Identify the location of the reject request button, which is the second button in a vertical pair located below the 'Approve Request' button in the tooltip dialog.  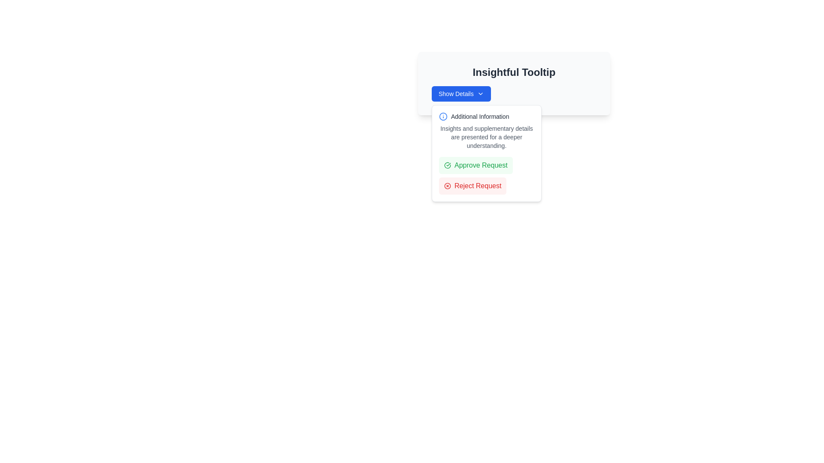
(472, 186).